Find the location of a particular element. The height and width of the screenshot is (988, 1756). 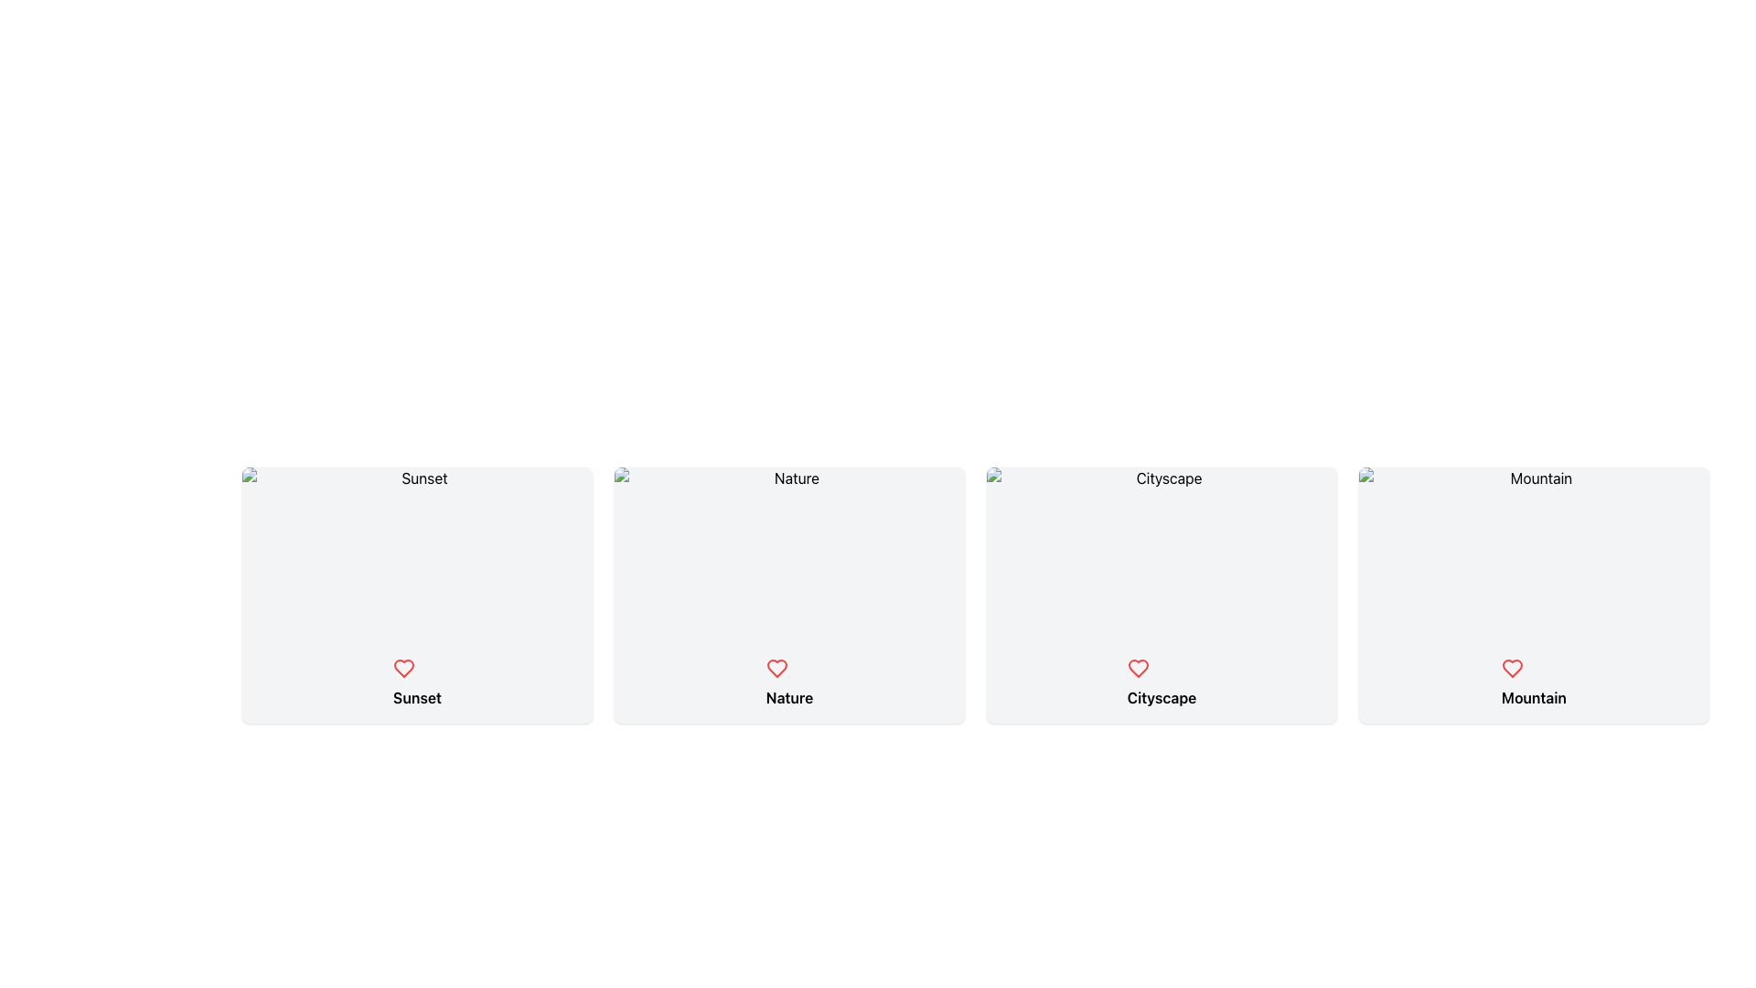

the heart icon located within the third card from the left in a horizontally aligned grid, positioned below the title 'Cityscape' is located at coordinates (1137, 669).